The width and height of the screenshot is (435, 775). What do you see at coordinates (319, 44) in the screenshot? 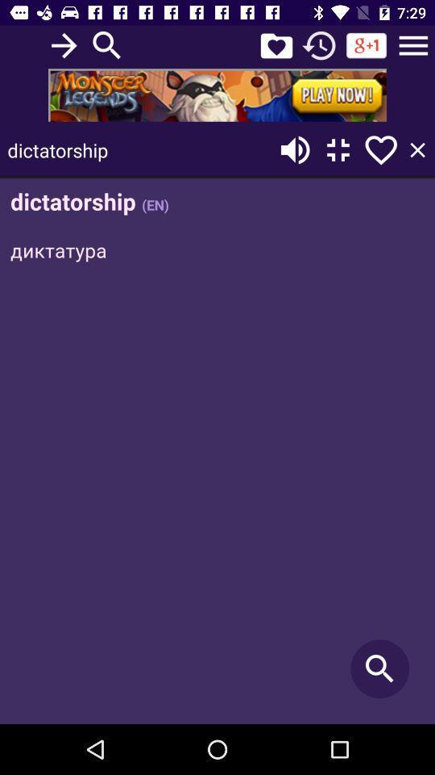
I see `the history icon` at bounding box center [319, 44].